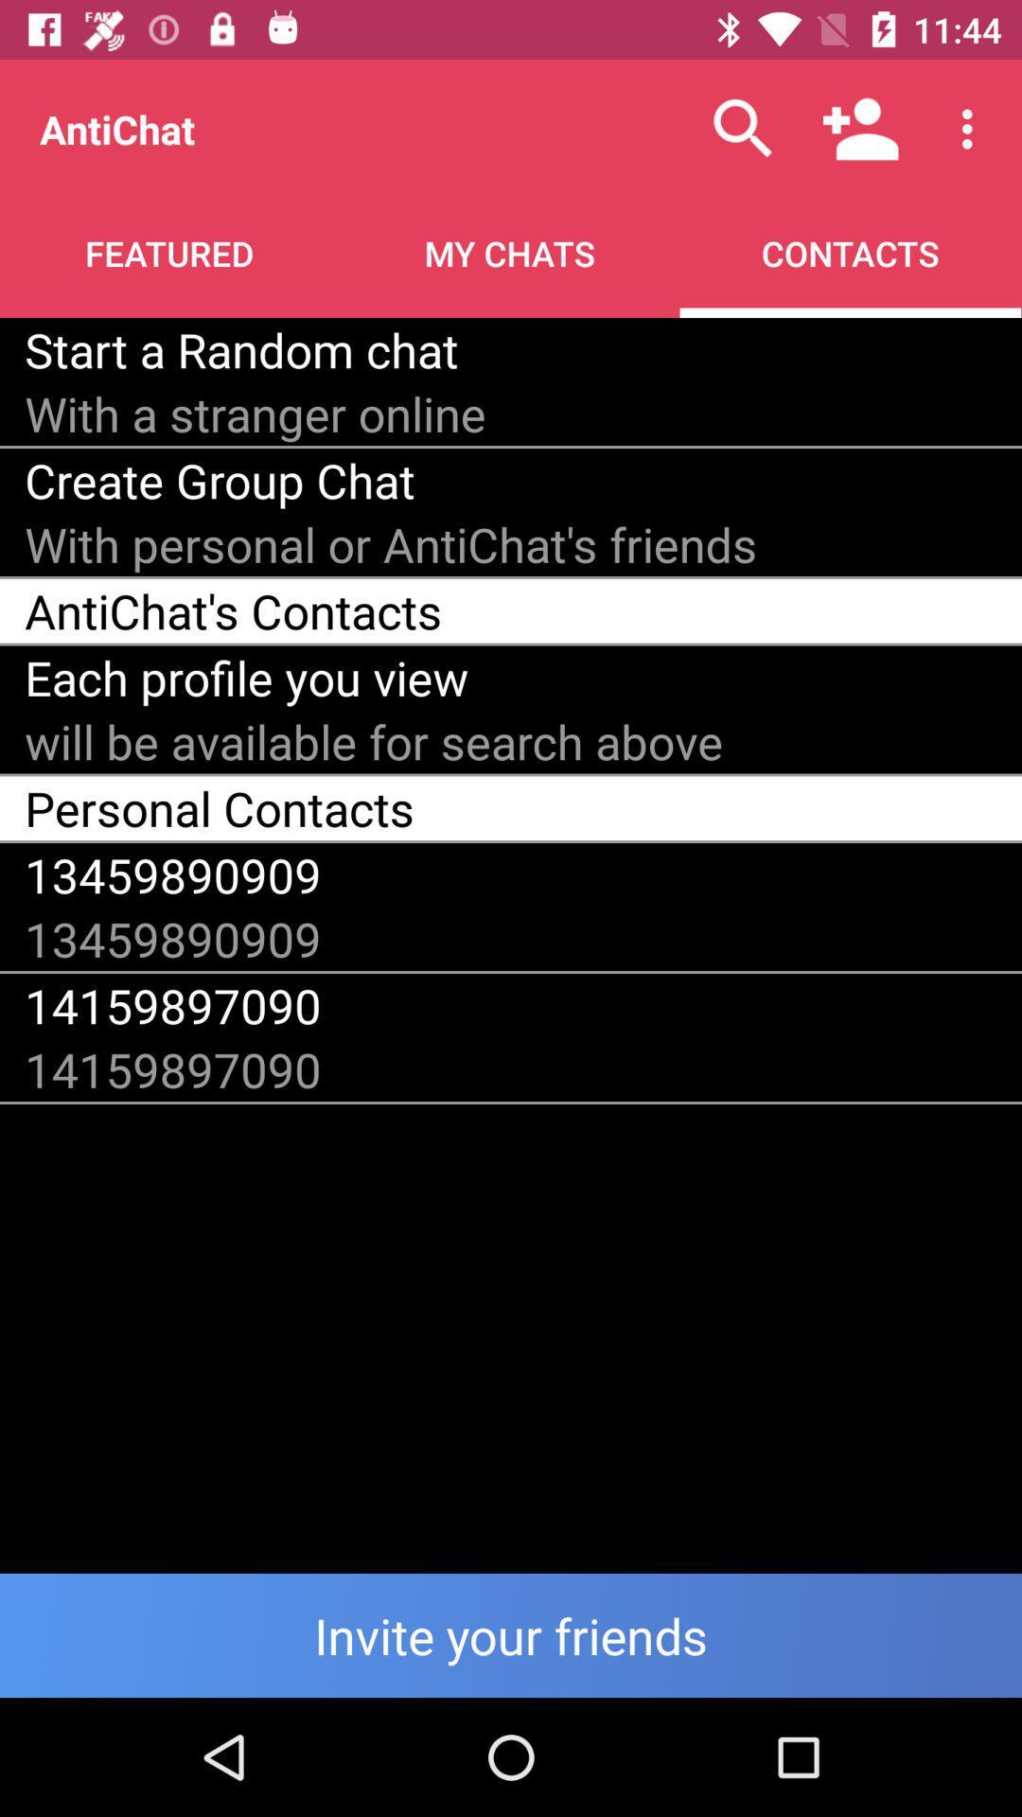 This screenshot has width=1022, height=1817. What do you see at coordinates (240, 349) in the screenshot?
I see `item below featured icon` at bounding box center [240, 349].